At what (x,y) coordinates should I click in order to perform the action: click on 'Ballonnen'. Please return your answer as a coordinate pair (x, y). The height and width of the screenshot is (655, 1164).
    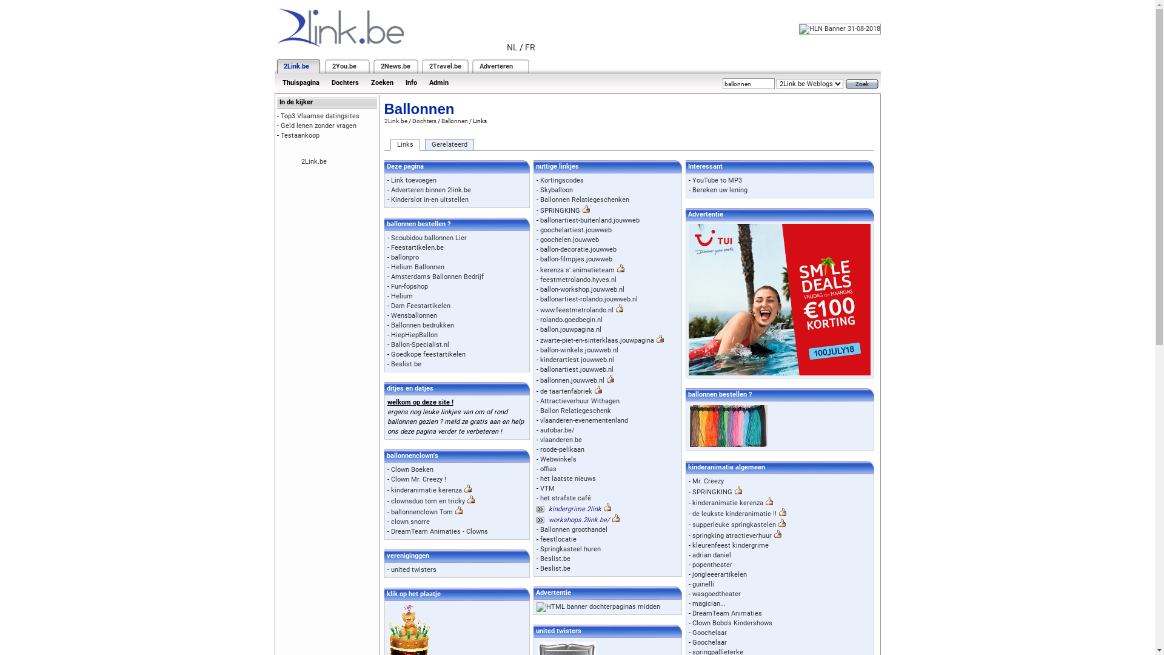
    Looking at the image, I should click on (453, 121).